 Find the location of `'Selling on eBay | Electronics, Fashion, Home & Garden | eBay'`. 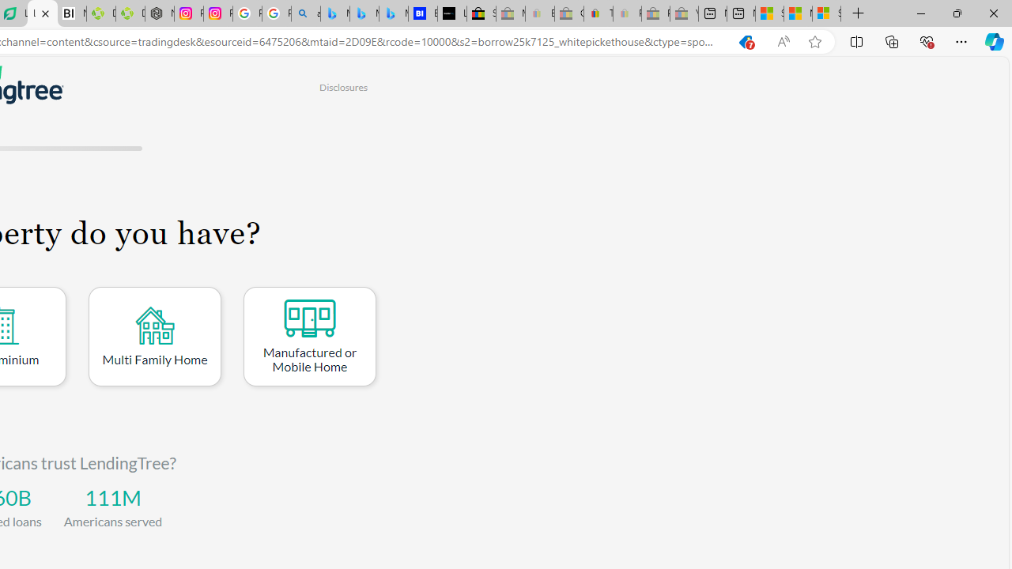

'Selling on eBay | Electronics, Fashion, Home & Garden | eBay' is located at coordinates (481, 13).